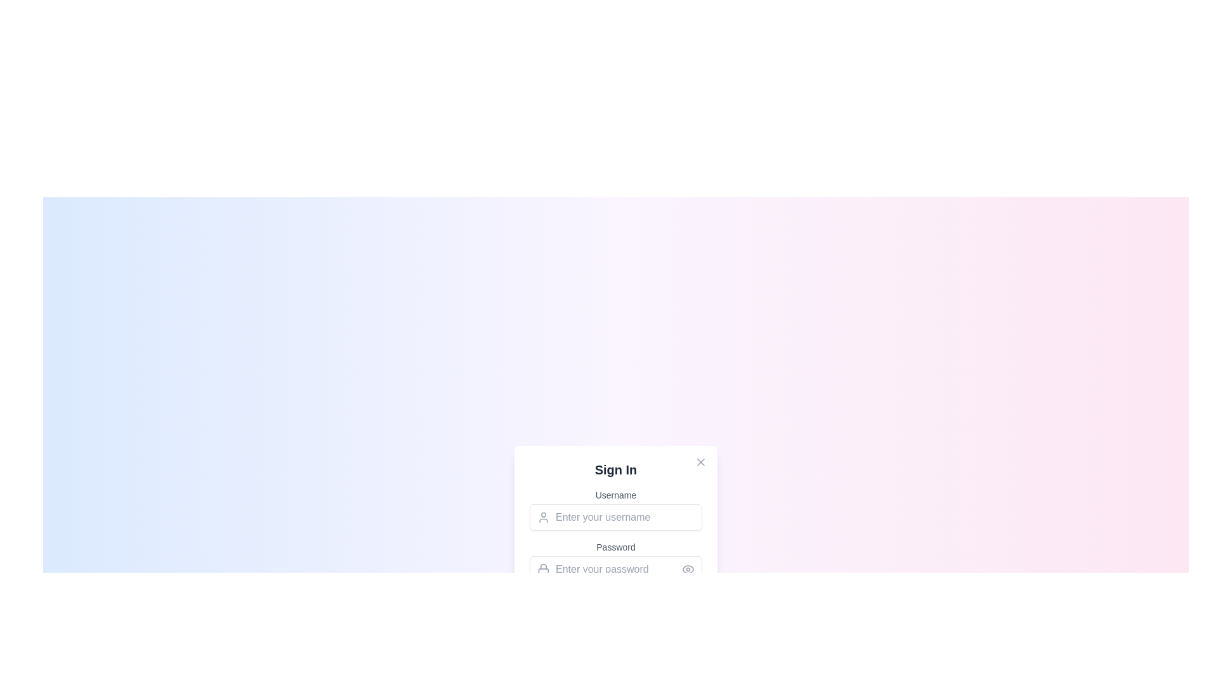 This screenshot has width=1218, height=685. I want to click on the small gray 'X' button located at the top-right corner of the sign-in card, which changes to a darker shade on hover, so click(700, 462).